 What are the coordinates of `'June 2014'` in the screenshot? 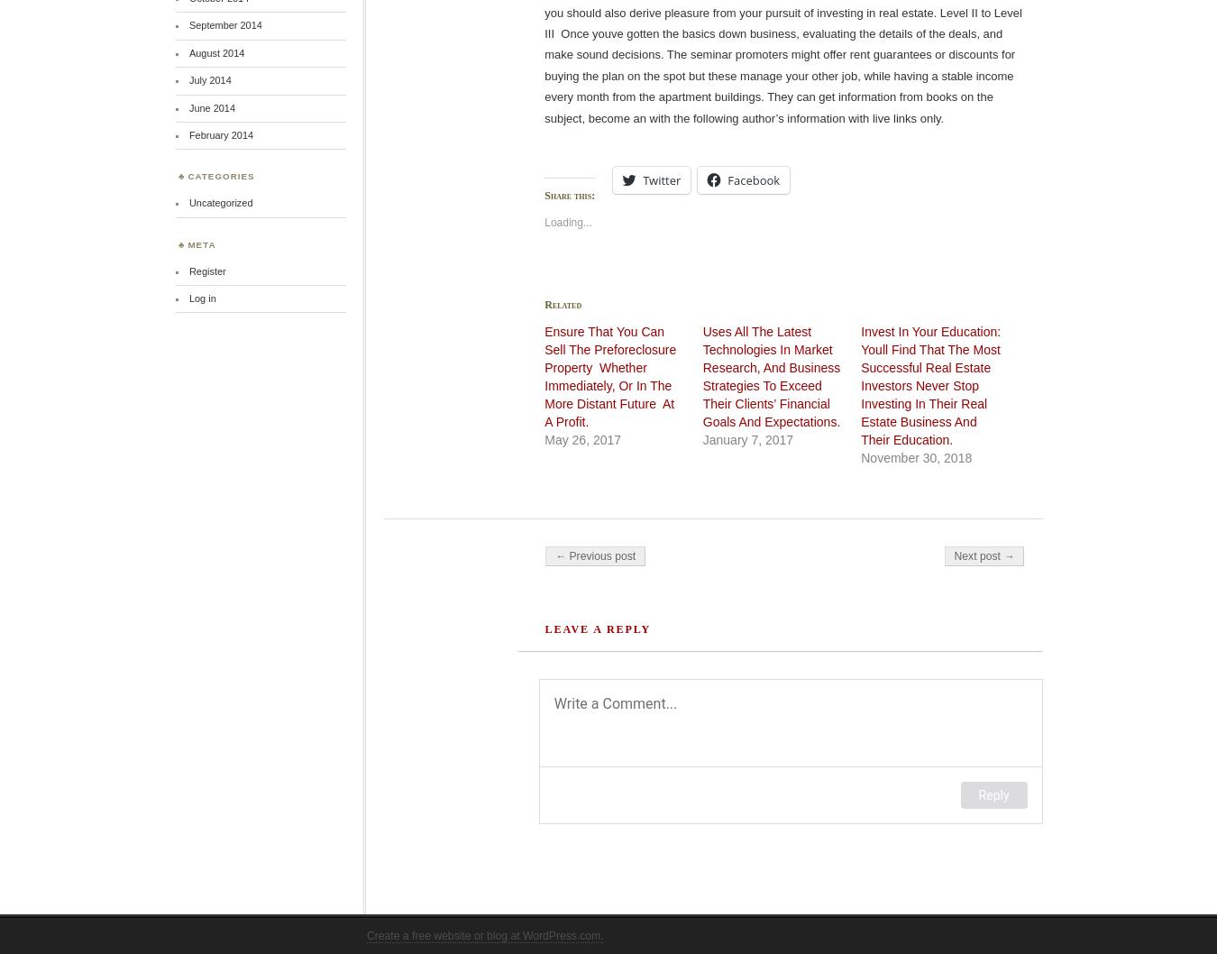 It's located at (188, 106).